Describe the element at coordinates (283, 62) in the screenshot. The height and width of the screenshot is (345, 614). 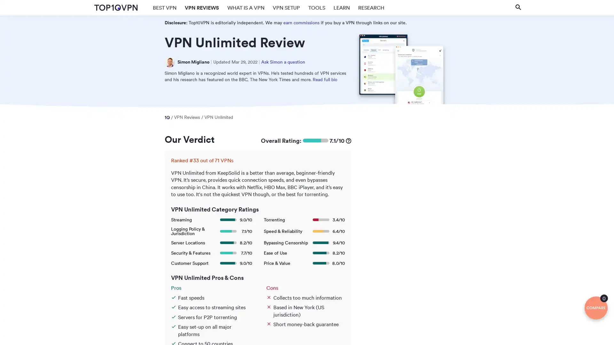
I see `Ask Simon a question` at that location.